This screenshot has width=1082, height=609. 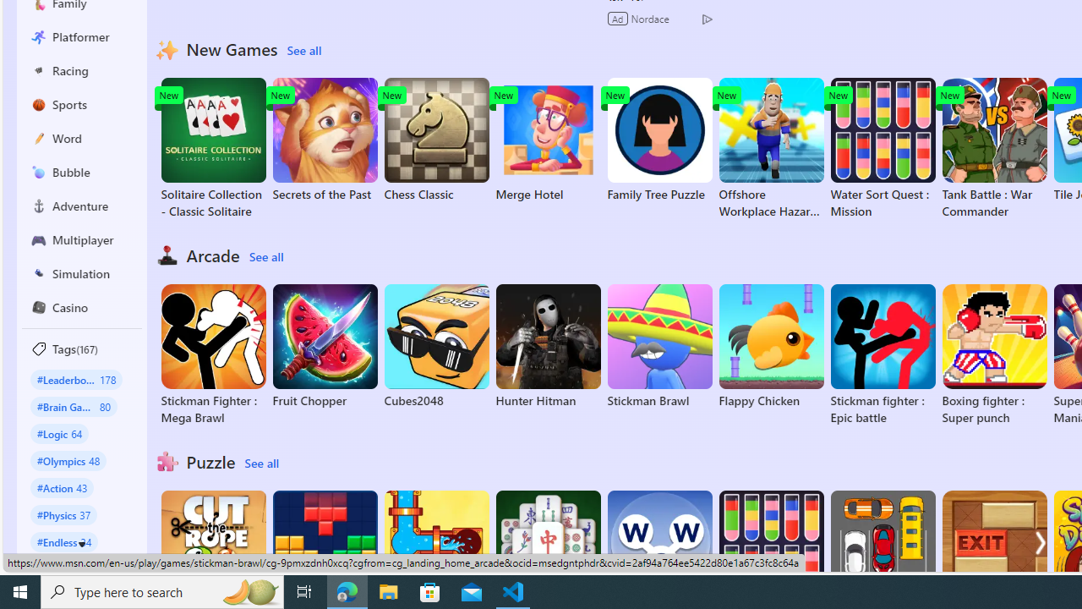 What do you see at coordinates (60, 432) in the screenshot?
I see `'#Logic 64'` at bounding box center [60, 432].